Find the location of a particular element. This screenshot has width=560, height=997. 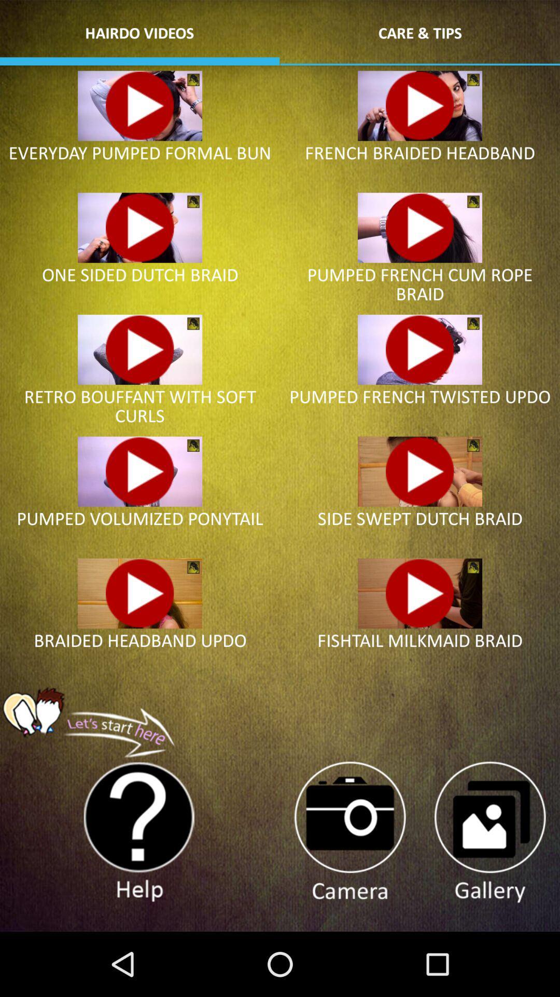

gallery is located at coordinates (489, 832).